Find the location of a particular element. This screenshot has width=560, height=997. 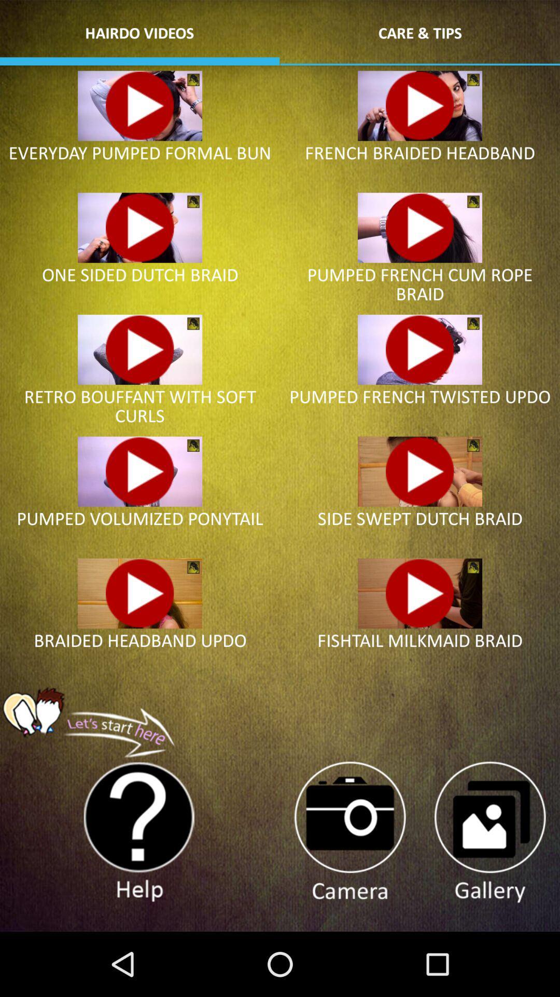

gallery is located at coordinates (489, 832).